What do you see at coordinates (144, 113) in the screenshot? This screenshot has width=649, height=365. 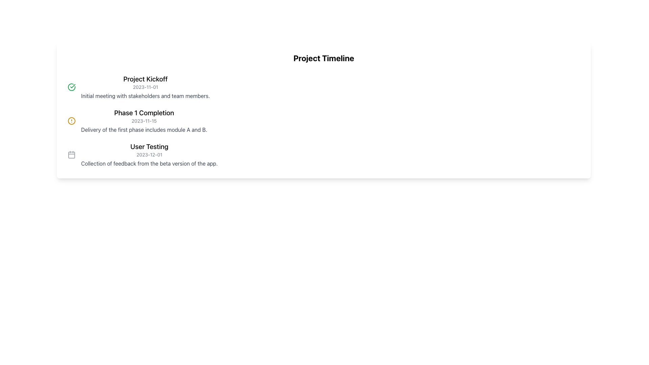 I see `the text label indicating 'Phase 1 Completion', which serves as the title for this milestone, located above the date '2023-11-15'` at bounding box center [144, 113].